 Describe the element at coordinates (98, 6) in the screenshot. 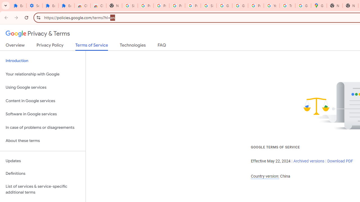

I see `'Chrome Web Store - Themes'` at that location.